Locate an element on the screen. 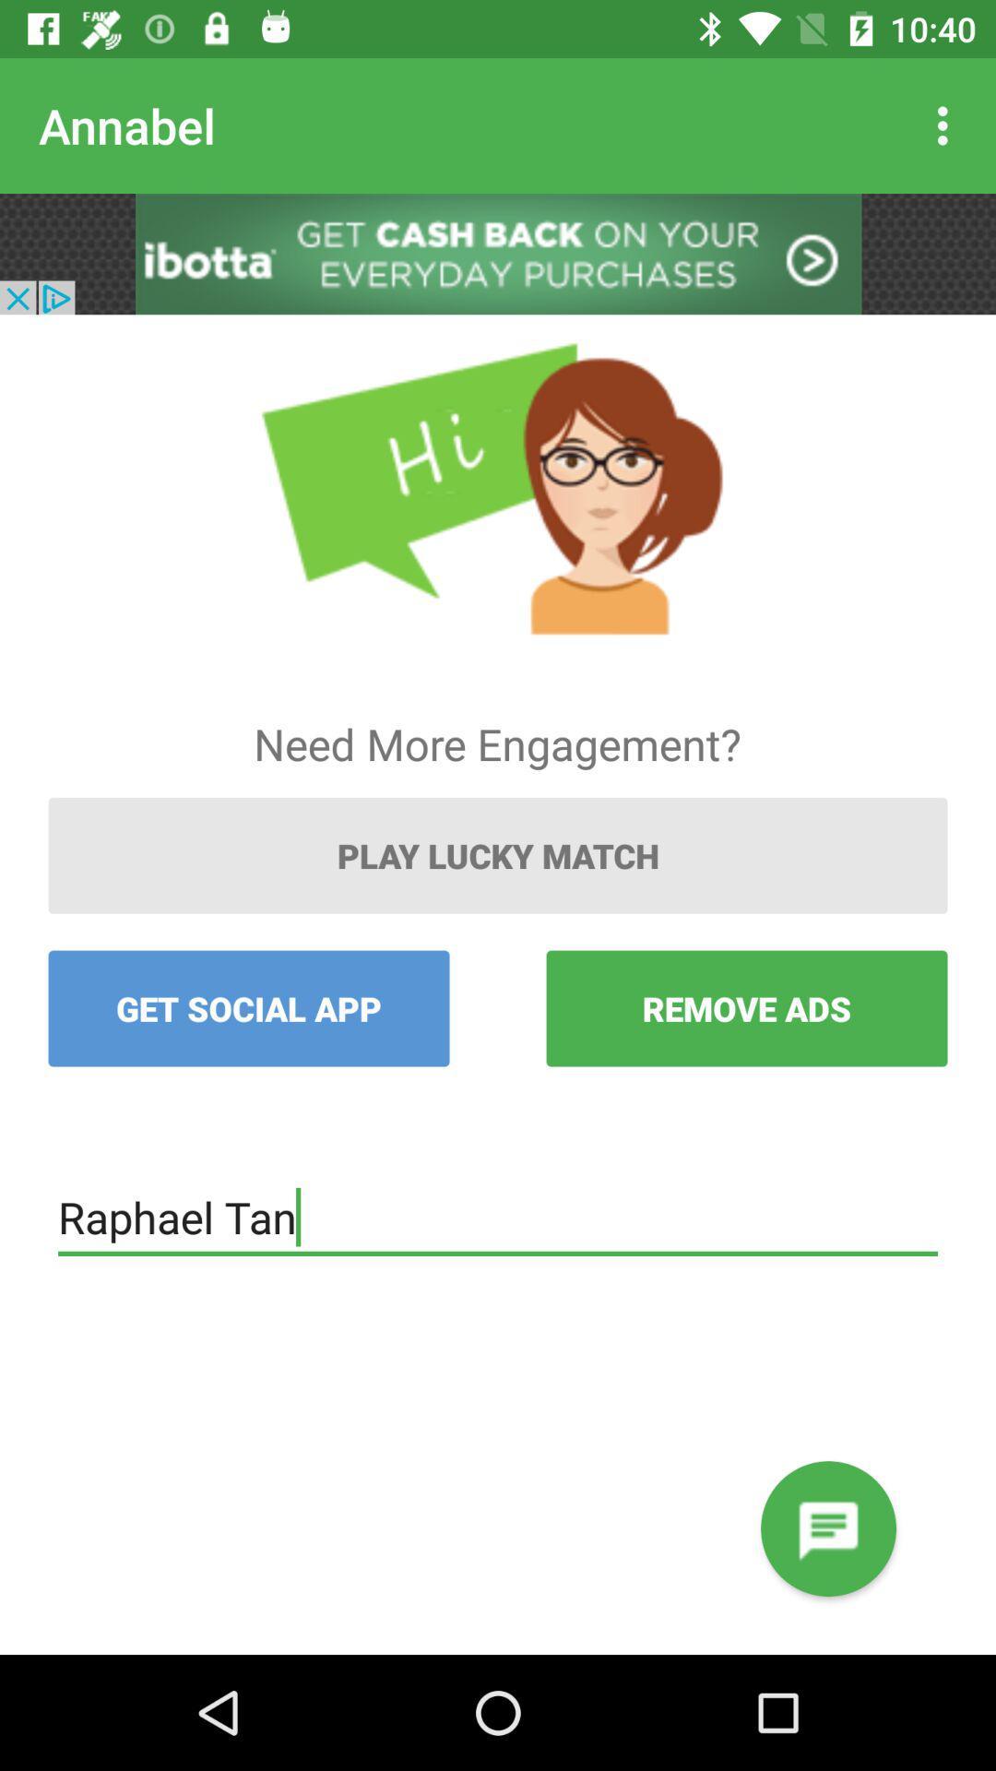 This screenshot has height=1771, width=996. message is located at coordinates (827, 1528).